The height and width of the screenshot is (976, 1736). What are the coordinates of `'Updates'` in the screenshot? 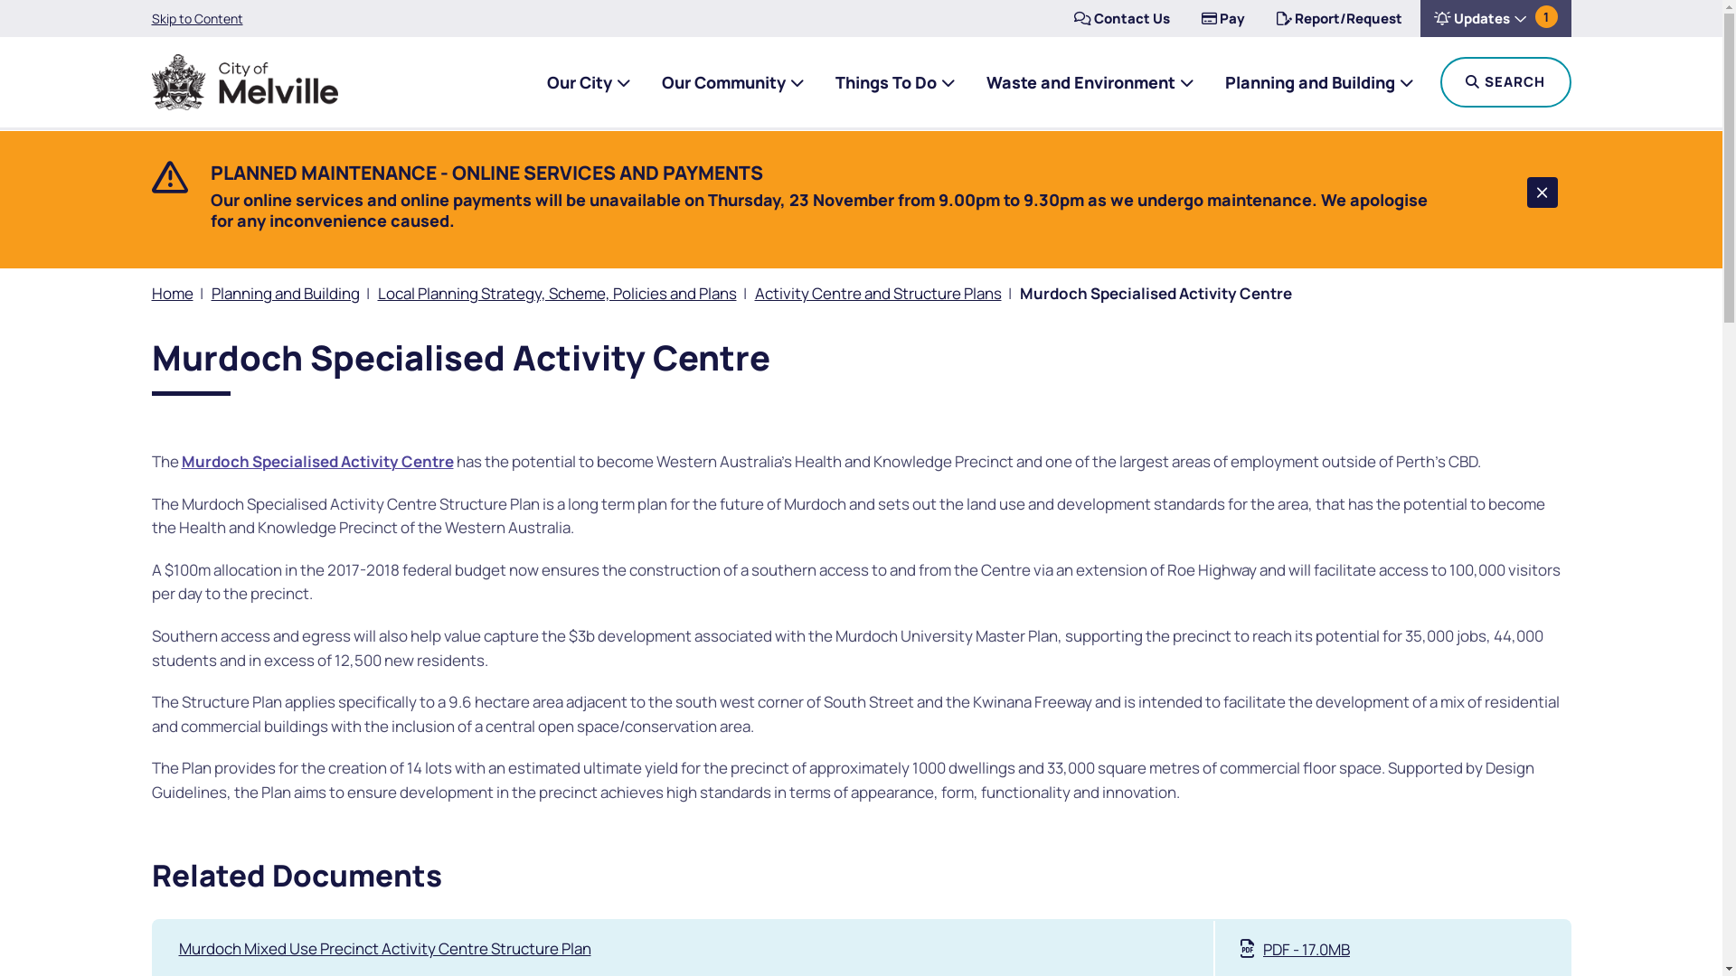 It's located at (1418, 18).